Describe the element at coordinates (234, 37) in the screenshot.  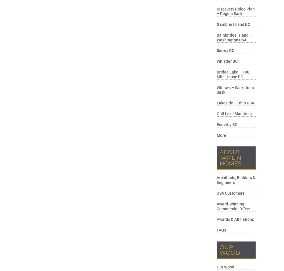
I see `'Bainbridge Island – Washington USA'` at that location.